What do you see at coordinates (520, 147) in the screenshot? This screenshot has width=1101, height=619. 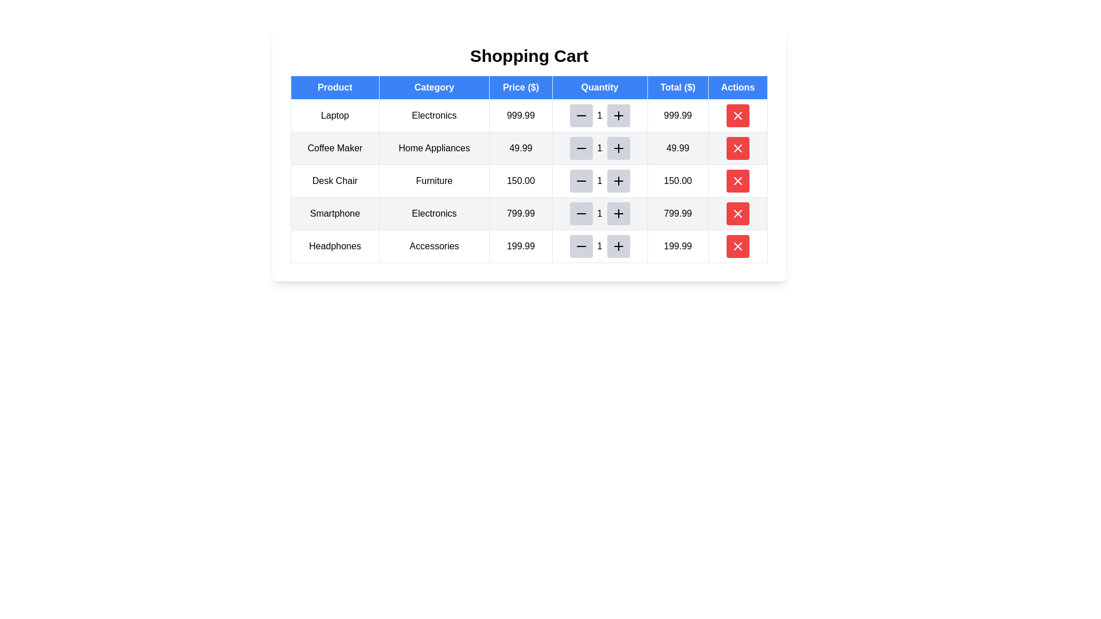 I see `displayed price of the 'Coffee Maker' item located in the third cell of the second row in the shopping cart list` at bounding box center [520, 147].